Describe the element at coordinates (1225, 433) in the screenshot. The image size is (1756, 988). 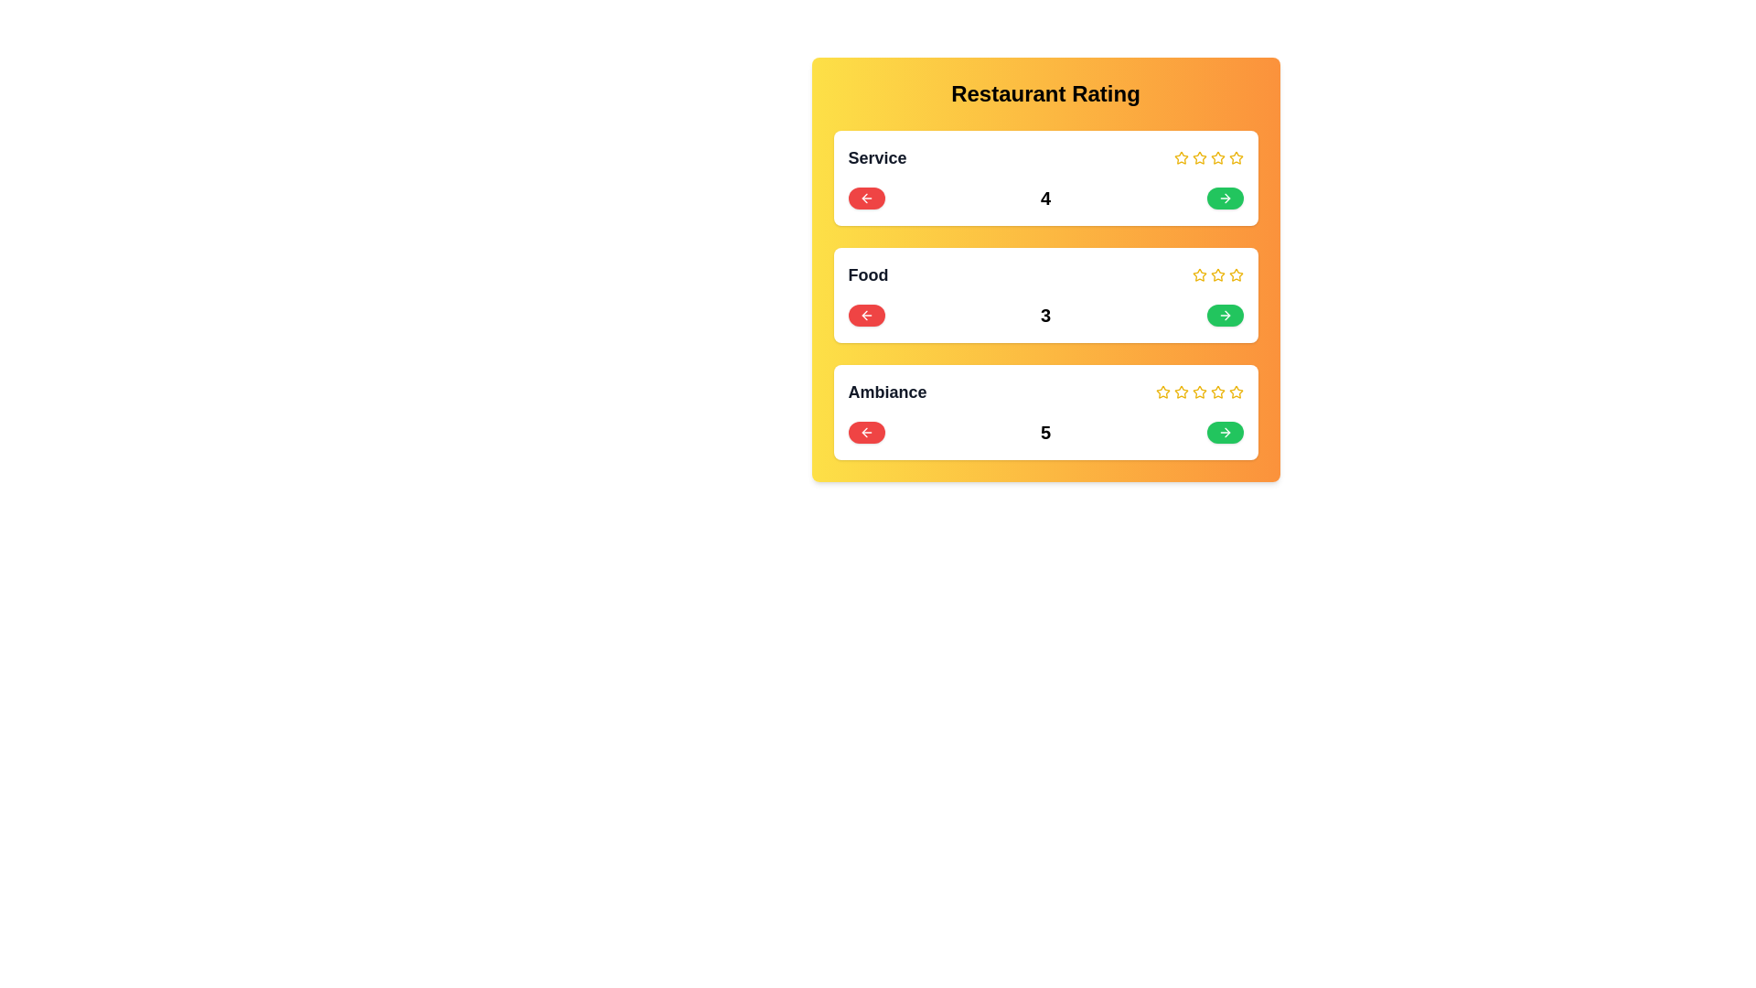
I see `the rightward-pointing green and white arrow icon within the green rounded button labeled 'Ambiance'` at that location.